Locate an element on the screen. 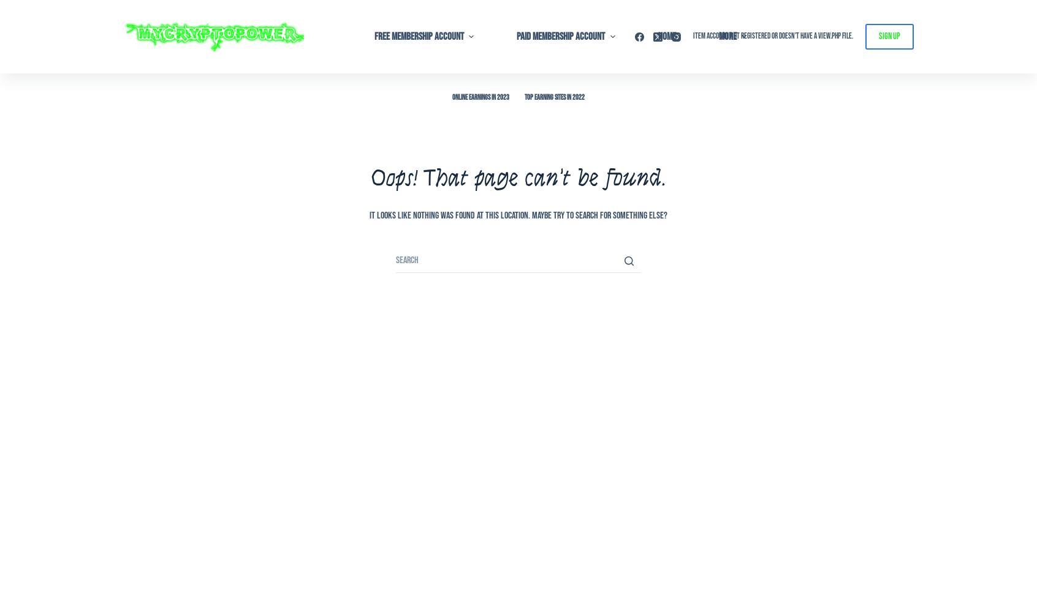 The width and height of the screenshot is (1037, 612). 'Paid Membership Account' is located at coordinates (560, 36).